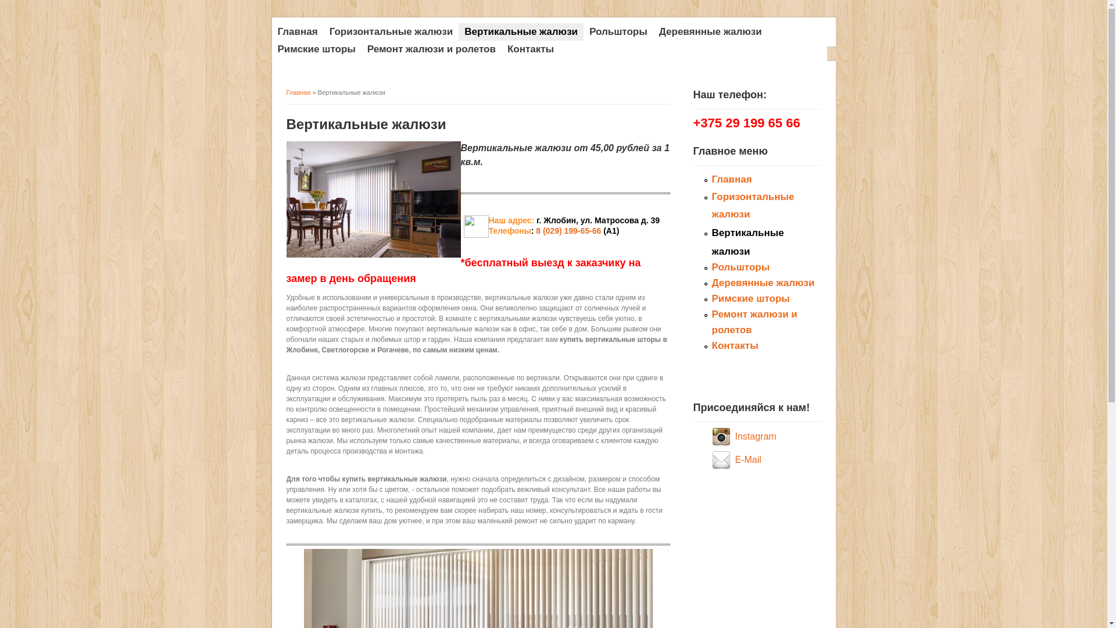 The image size is (1116, 628). I want to click on '+375 29 199 65 66', so click(692, 124).